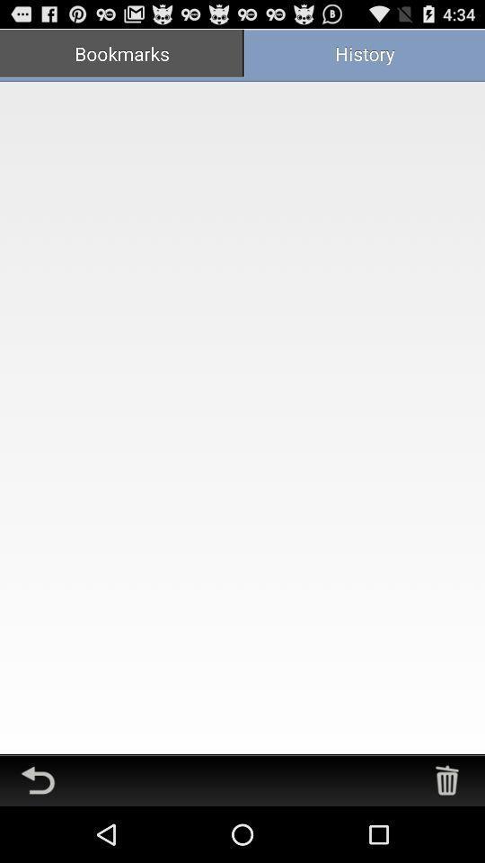 This screenshot has width=485, height=863. Describe the element at coordinates (38, 835) in the screenshot. I see `the undo icon` at that location.